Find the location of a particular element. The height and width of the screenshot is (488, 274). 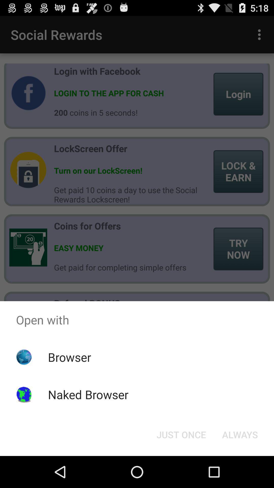

the icon to the left of always item is located at coordinates (181, 434).